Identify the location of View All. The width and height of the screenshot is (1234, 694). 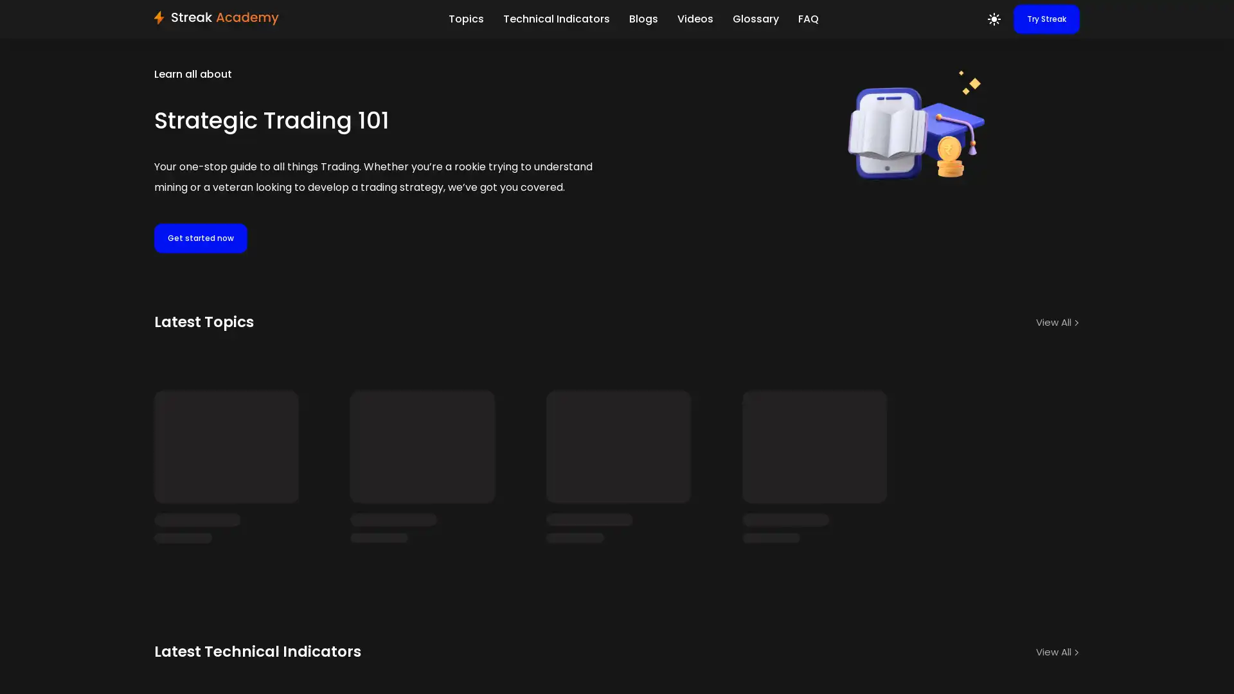
(1058, 321).